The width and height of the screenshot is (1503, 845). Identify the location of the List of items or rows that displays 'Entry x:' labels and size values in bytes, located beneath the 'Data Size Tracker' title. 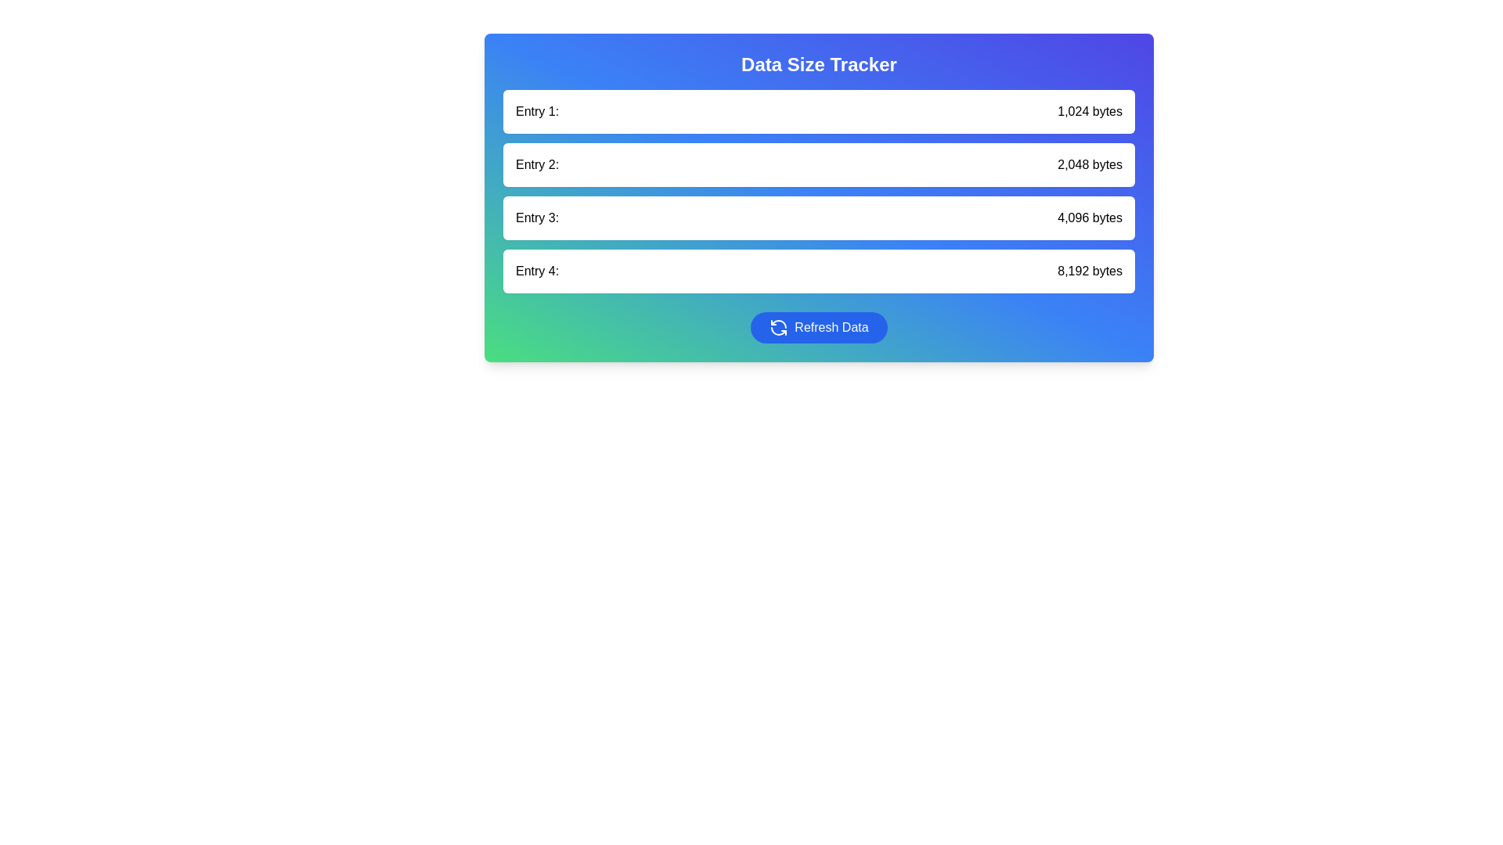
(818, 191).